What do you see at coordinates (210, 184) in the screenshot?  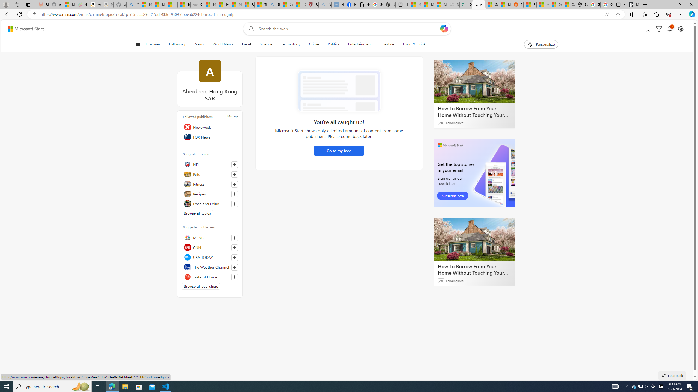 I see `'Fitness'` at bounding box center [210, 184].